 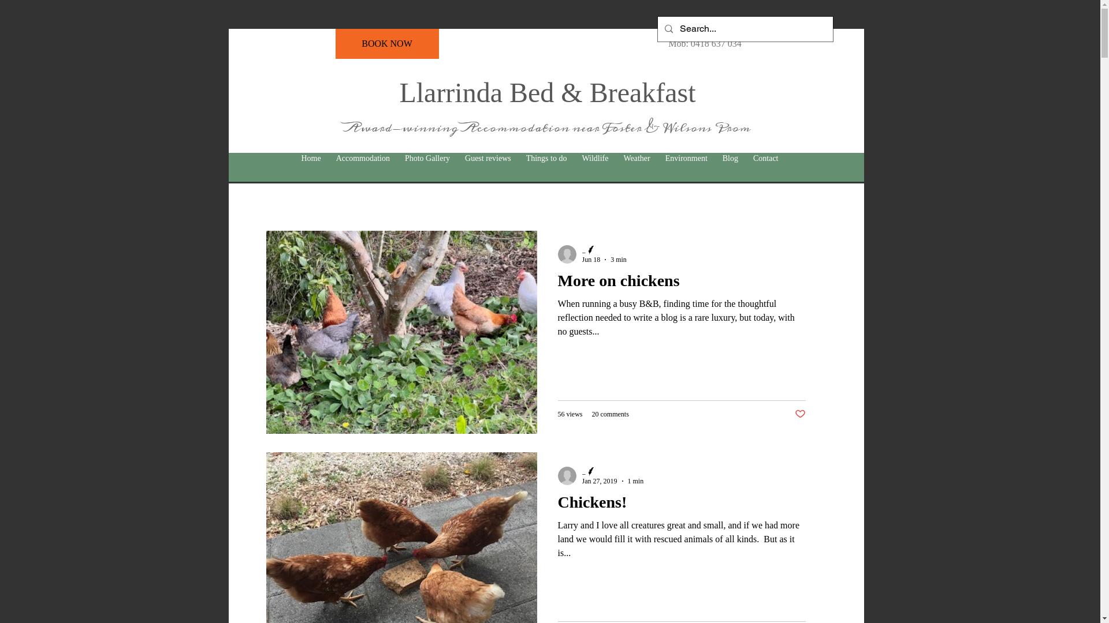 What do you see at coordinates (574, 158) in the screenshot?
I see `'Wildlife'` at bounding box center [574, 158].